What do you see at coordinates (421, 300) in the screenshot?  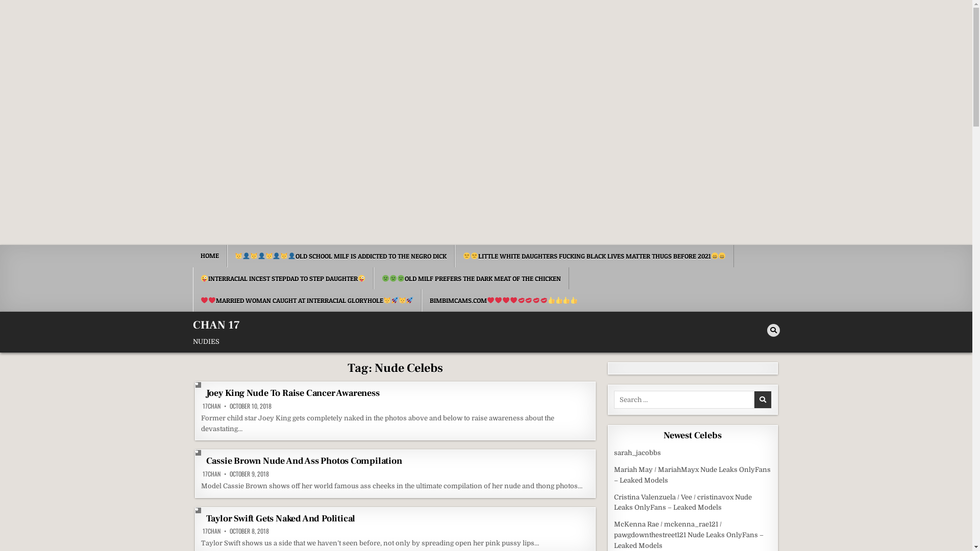 I see `'BIMBIMCAMS.COM'` at bounding box center [421, 300].